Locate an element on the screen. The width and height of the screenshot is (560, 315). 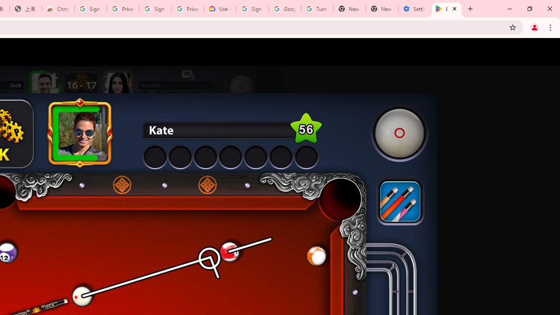
'Settings - System' is located at coordinates (414, 9).